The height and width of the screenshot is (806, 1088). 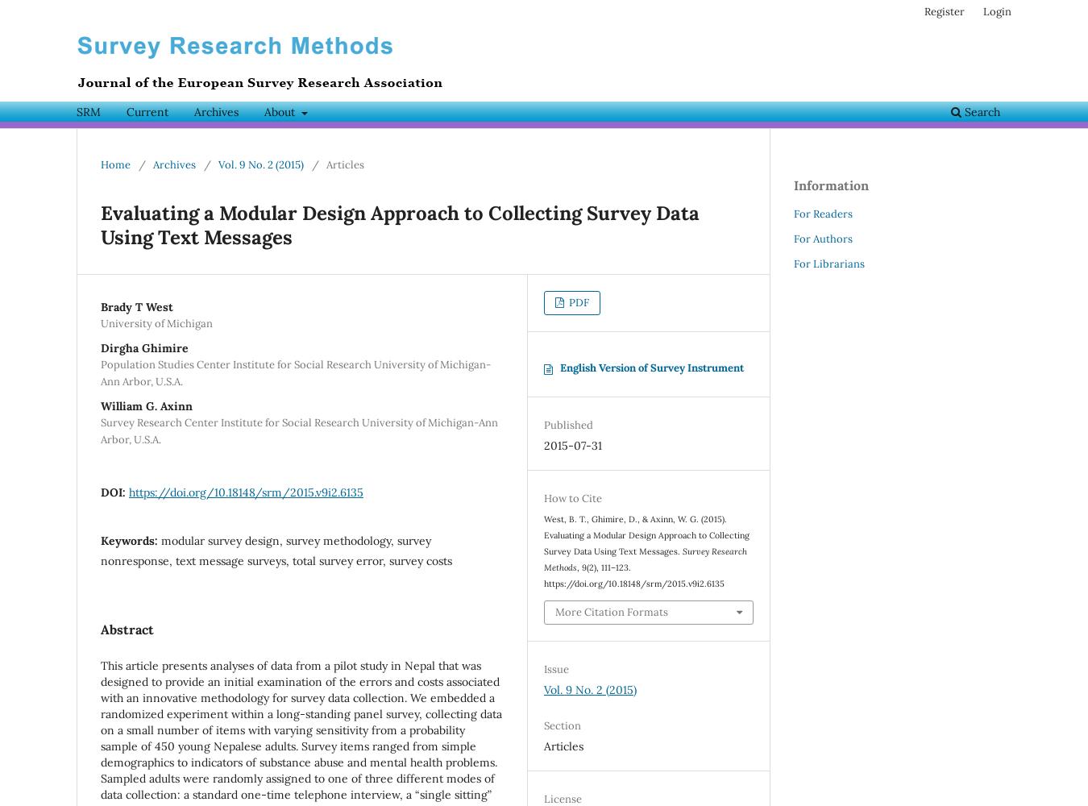 What do you see at coordinates (276, 550) in the screenshot?
I see `'modular survey design, 											survey methodology, 											survey nonresponse, 											text message surveys, 											total survey error, 											survey costs'` at bounding box center [276, 550].